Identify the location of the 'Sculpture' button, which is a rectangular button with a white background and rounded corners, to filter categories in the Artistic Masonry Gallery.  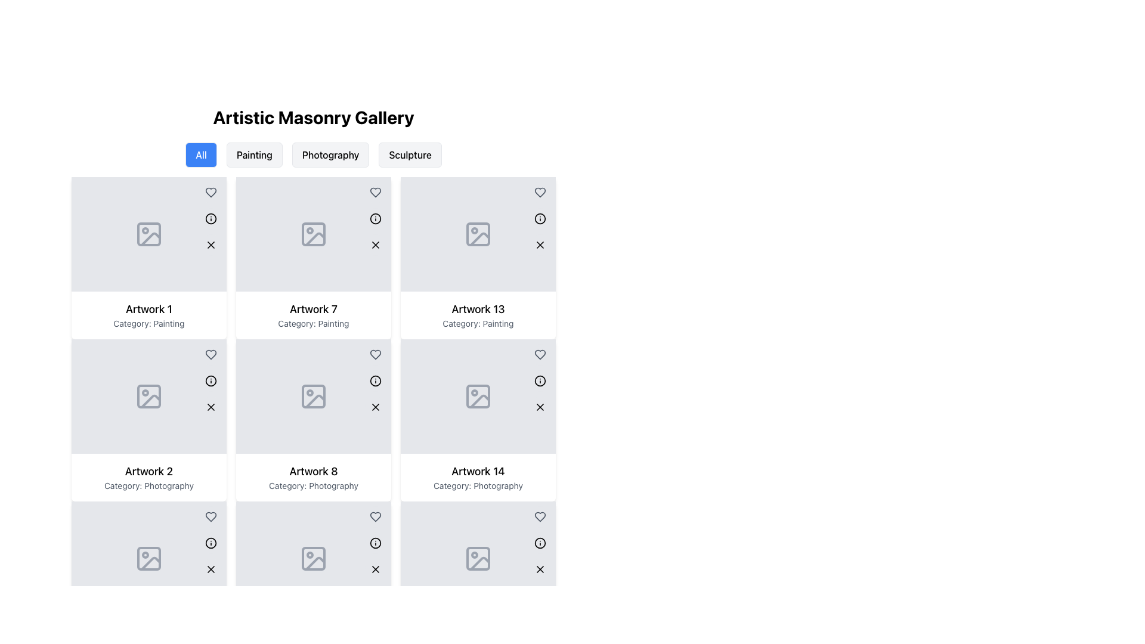
(410, 154).